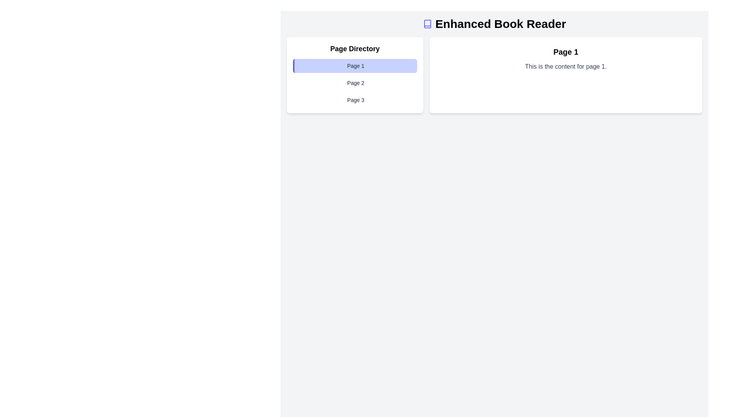 The image size is (745, 419). Describe the element at coordinates (427, 23) in the screenshot. I see `the SVG-based Icon located at the top-center of the interface, positioned to the left of the text 'Enhanced Book Reader' to enhance visual branding` at that location.